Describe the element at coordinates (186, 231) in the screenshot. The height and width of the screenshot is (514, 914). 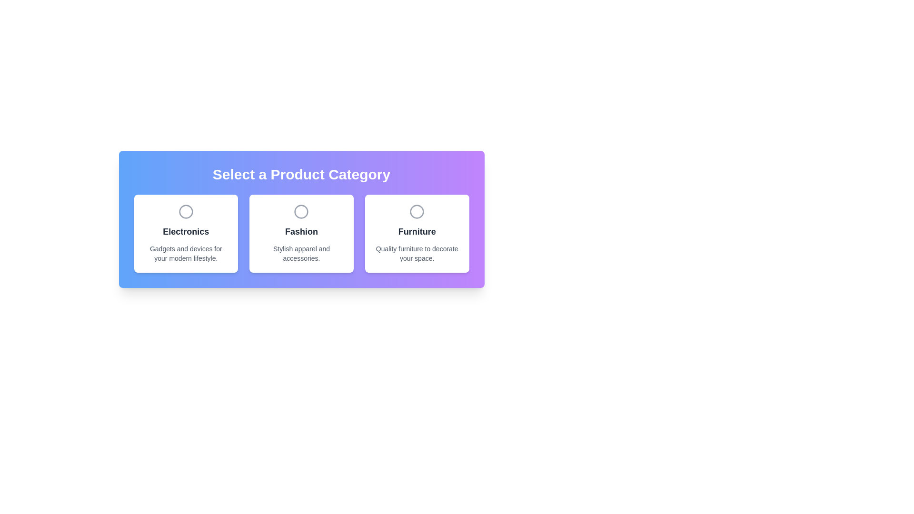
I see `the 'Electronics' category label located in the leftmost card, positioned below the circular icon and above the descriptive text about gadgets and devices` at that location.